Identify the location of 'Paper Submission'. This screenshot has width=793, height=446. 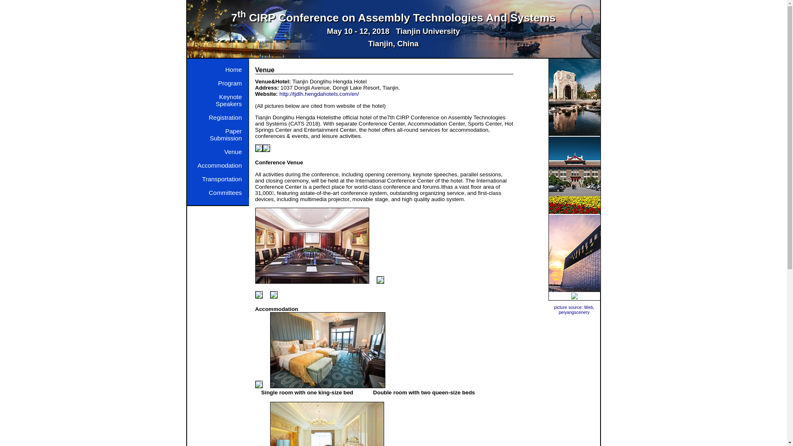
(217, 132).